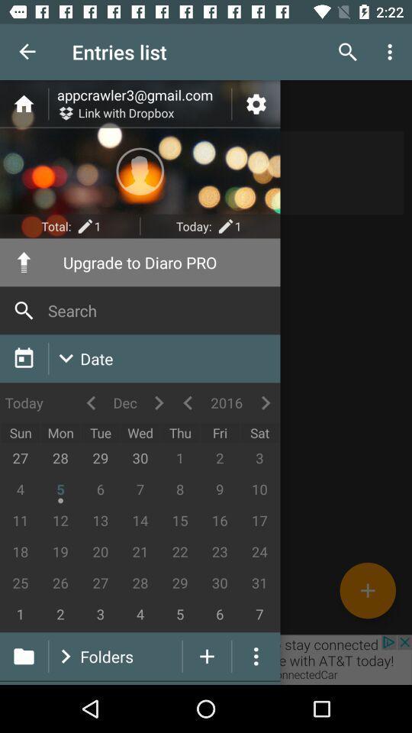 Image resolution: width=412 pixels, height=733 pixels. I want to click on tap on number 30 shown below wed, so click(140, 458).